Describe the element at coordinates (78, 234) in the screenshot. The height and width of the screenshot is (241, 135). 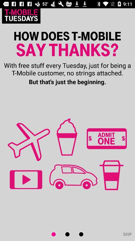
I see `next` at that location.